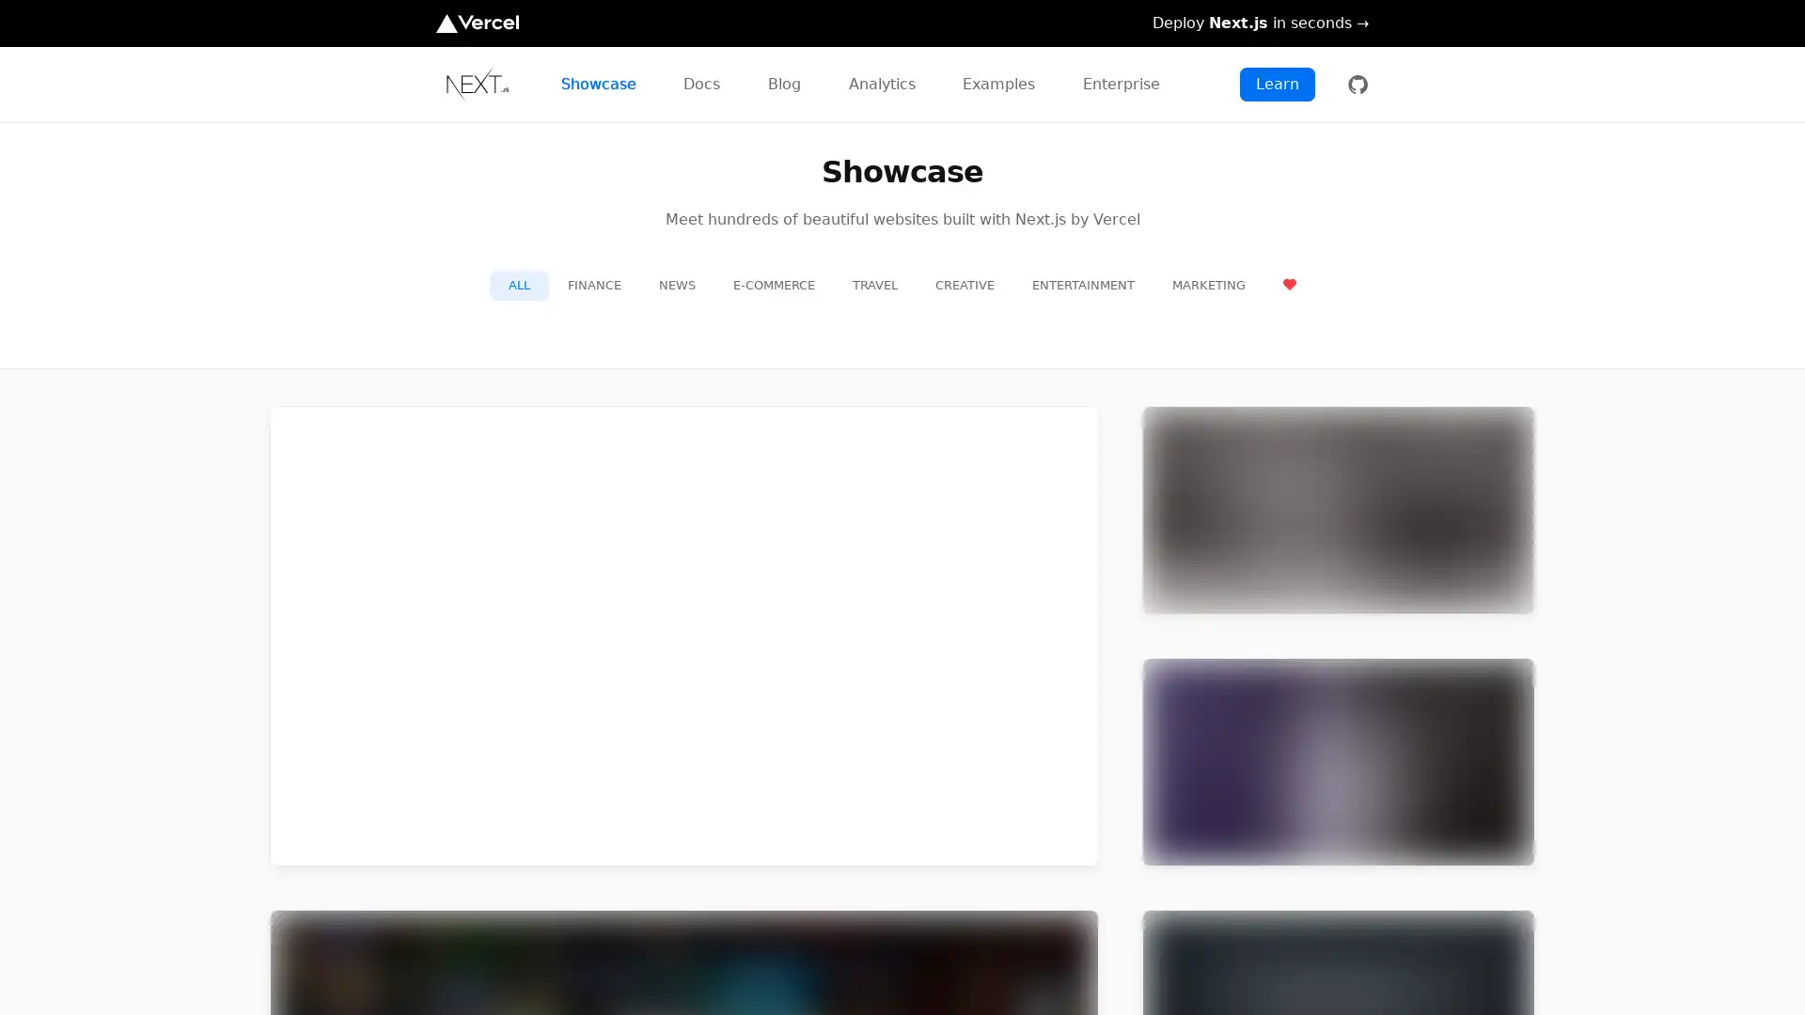 The width and height of the screenshot is (1805, 1015). What do you see at coordinates (1338, 509) in the screenshot?
I see `preview for Netflix Jobs Netflix Jobs https://jobs.netflix.com` at bounding box center [1338, 509].